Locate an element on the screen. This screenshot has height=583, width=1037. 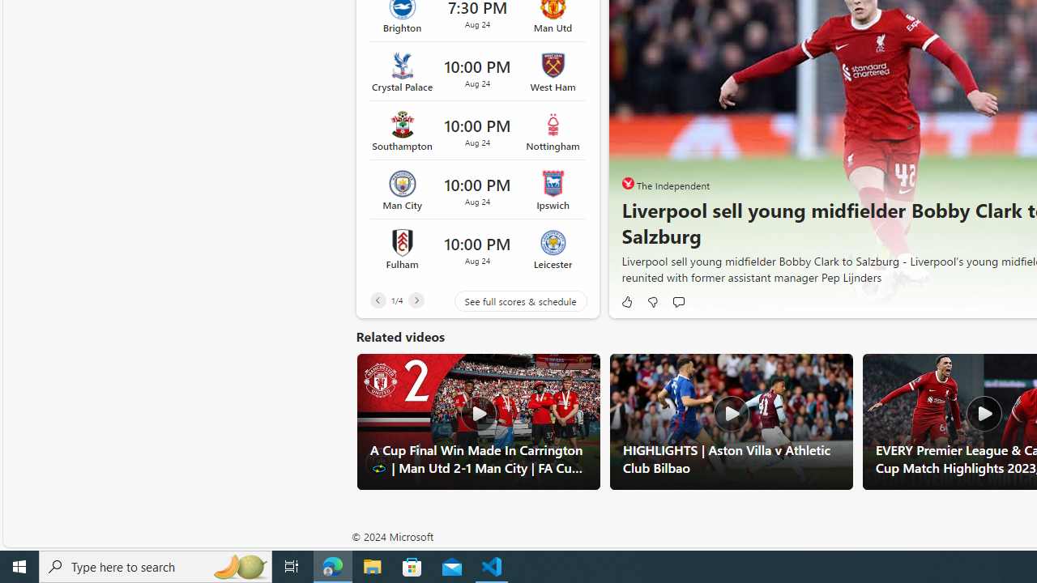
'Southampton vs Nottingham Time 10:00 PM Date Aug 24' is located at coordinates (476, 130).